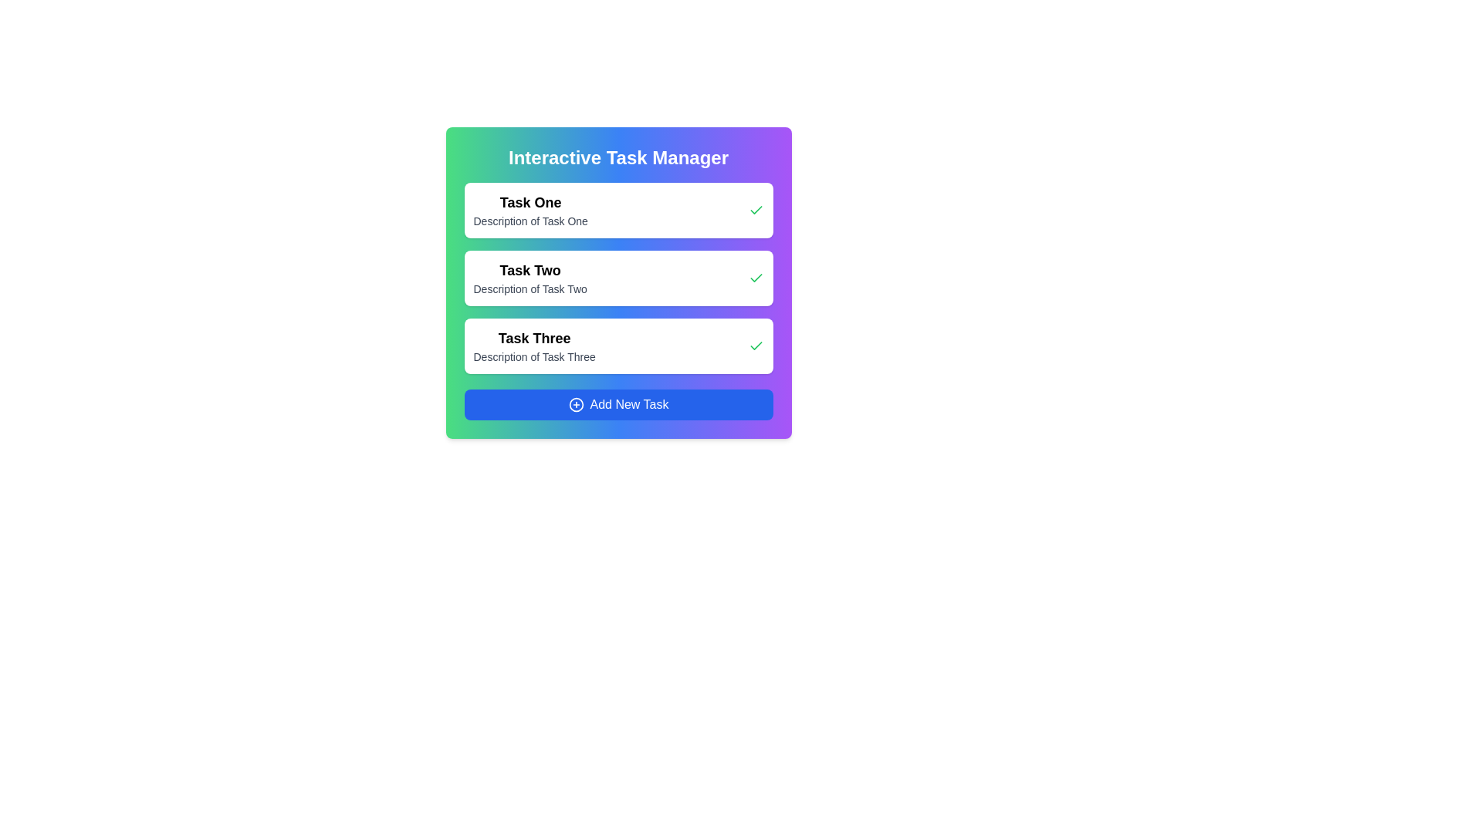  What do you see at coordinates (756, 211) in the screenshot?
I see `the completion marker icon for 'Task One'` at bounding box center [756, 211].